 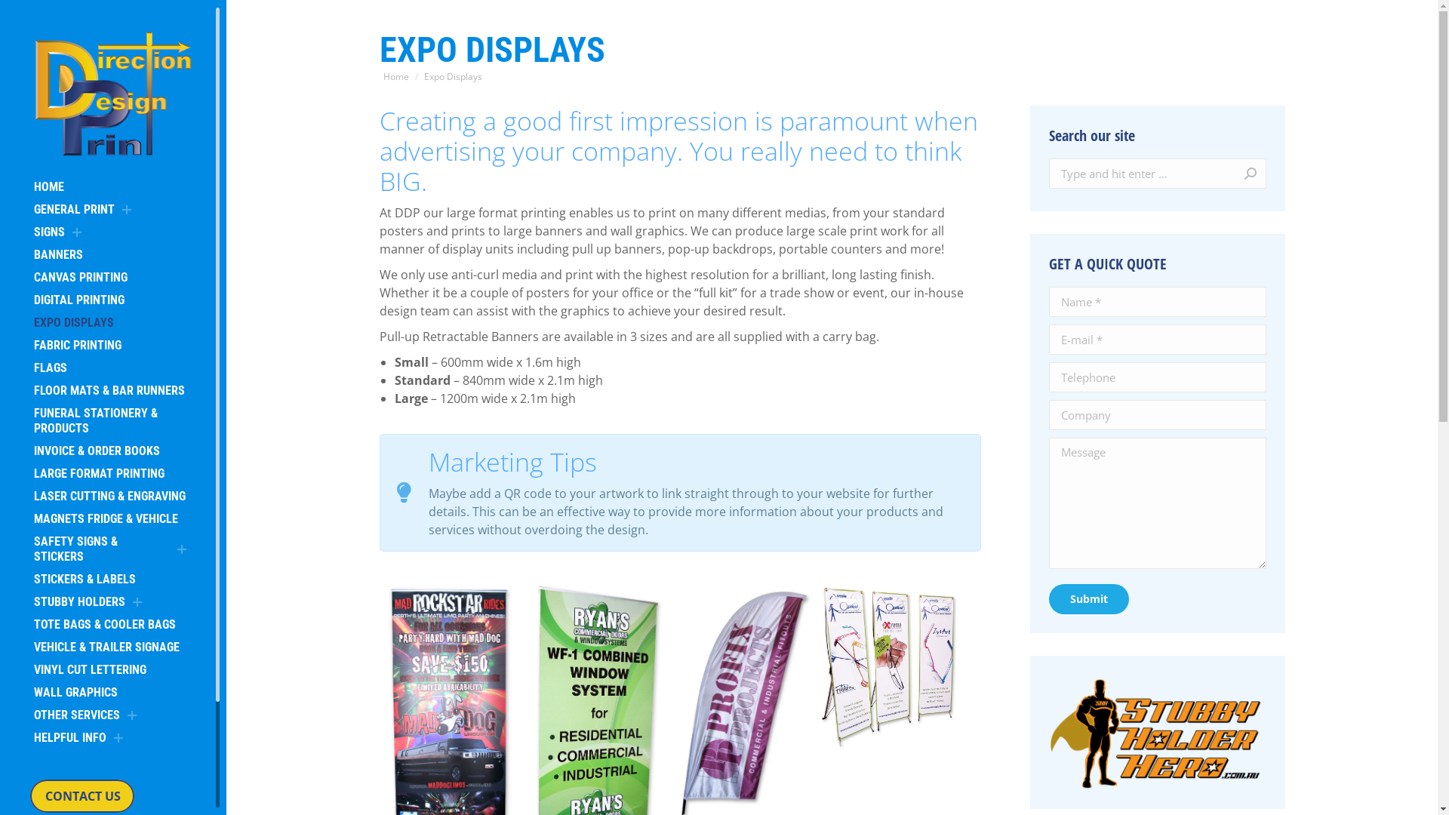 What do you see at coordinates (78, 300) in the screenshot?
I see `'DIGITAL PRINTING'` at bounding box center [78, 300].